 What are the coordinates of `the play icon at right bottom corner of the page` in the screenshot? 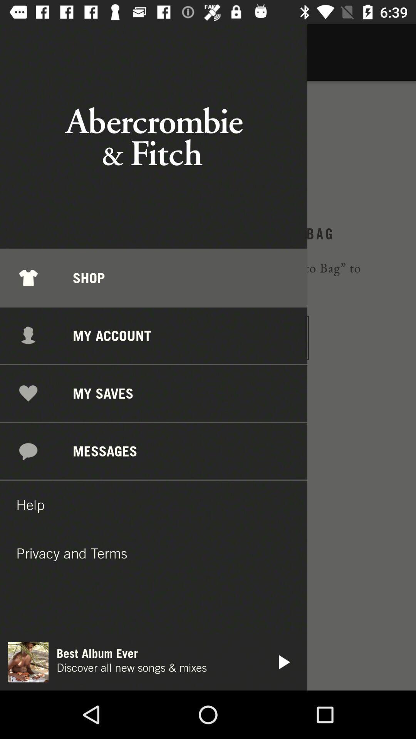 It's located at (283, 662).